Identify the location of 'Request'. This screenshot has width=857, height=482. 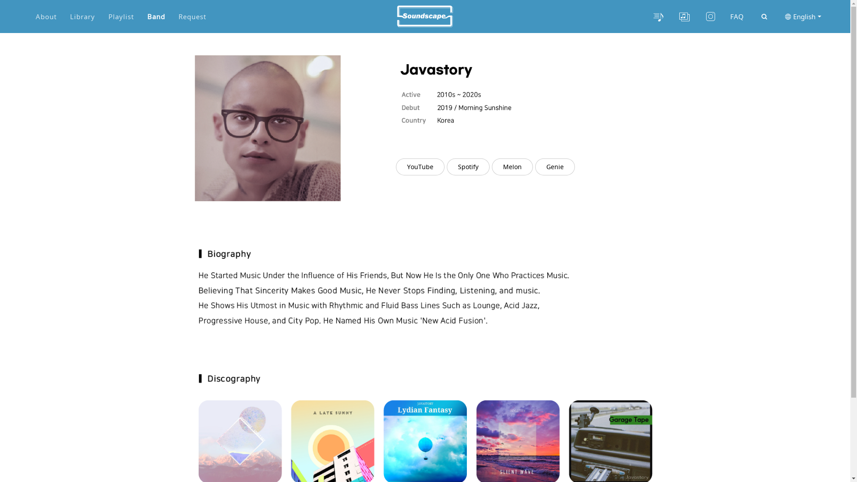
(192, 17).